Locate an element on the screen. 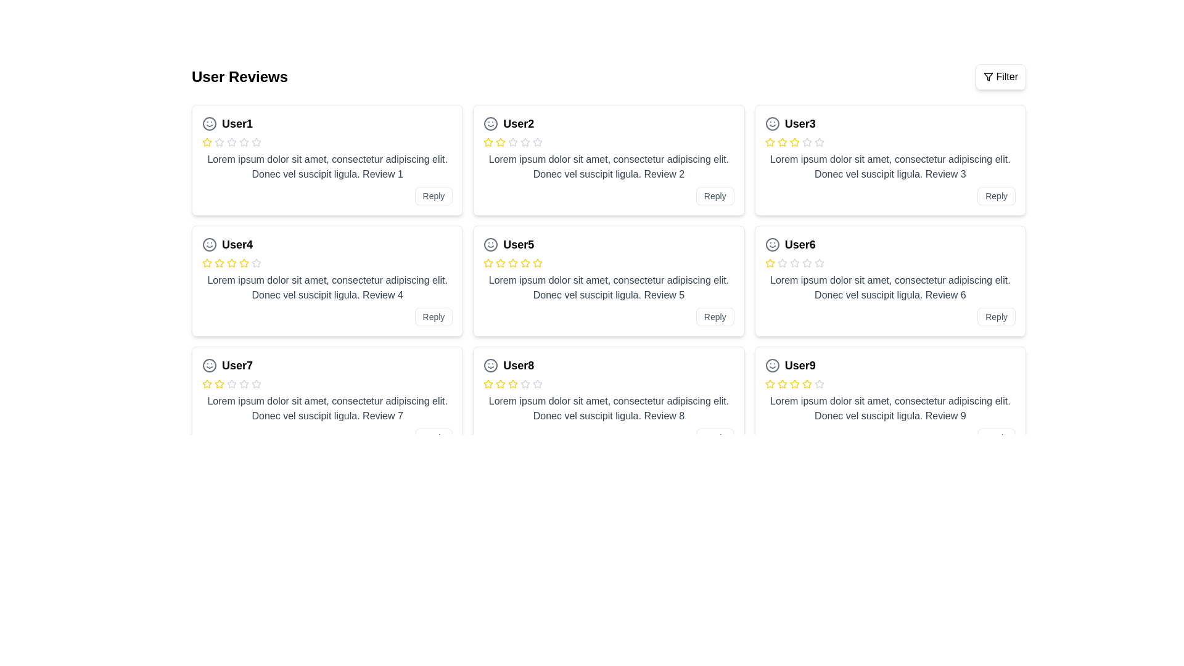  text label that serves as the title for user reviews, located in the upper-left section of the interface is located at coordinates (239, 76).